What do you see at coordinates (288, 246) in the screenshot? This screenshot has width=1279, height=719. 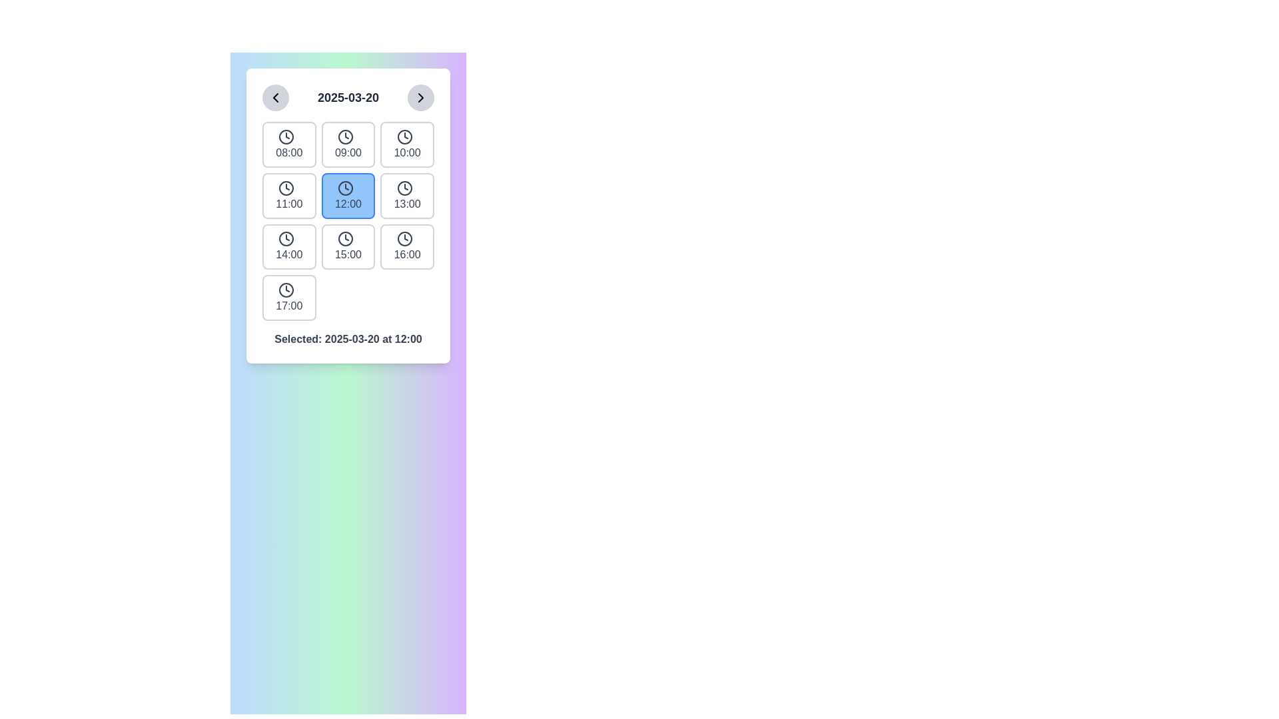 I see `the selectable time slot button for '14:00', which is located in the fourth row and first column of the grid` at bounding box center [288, 246].